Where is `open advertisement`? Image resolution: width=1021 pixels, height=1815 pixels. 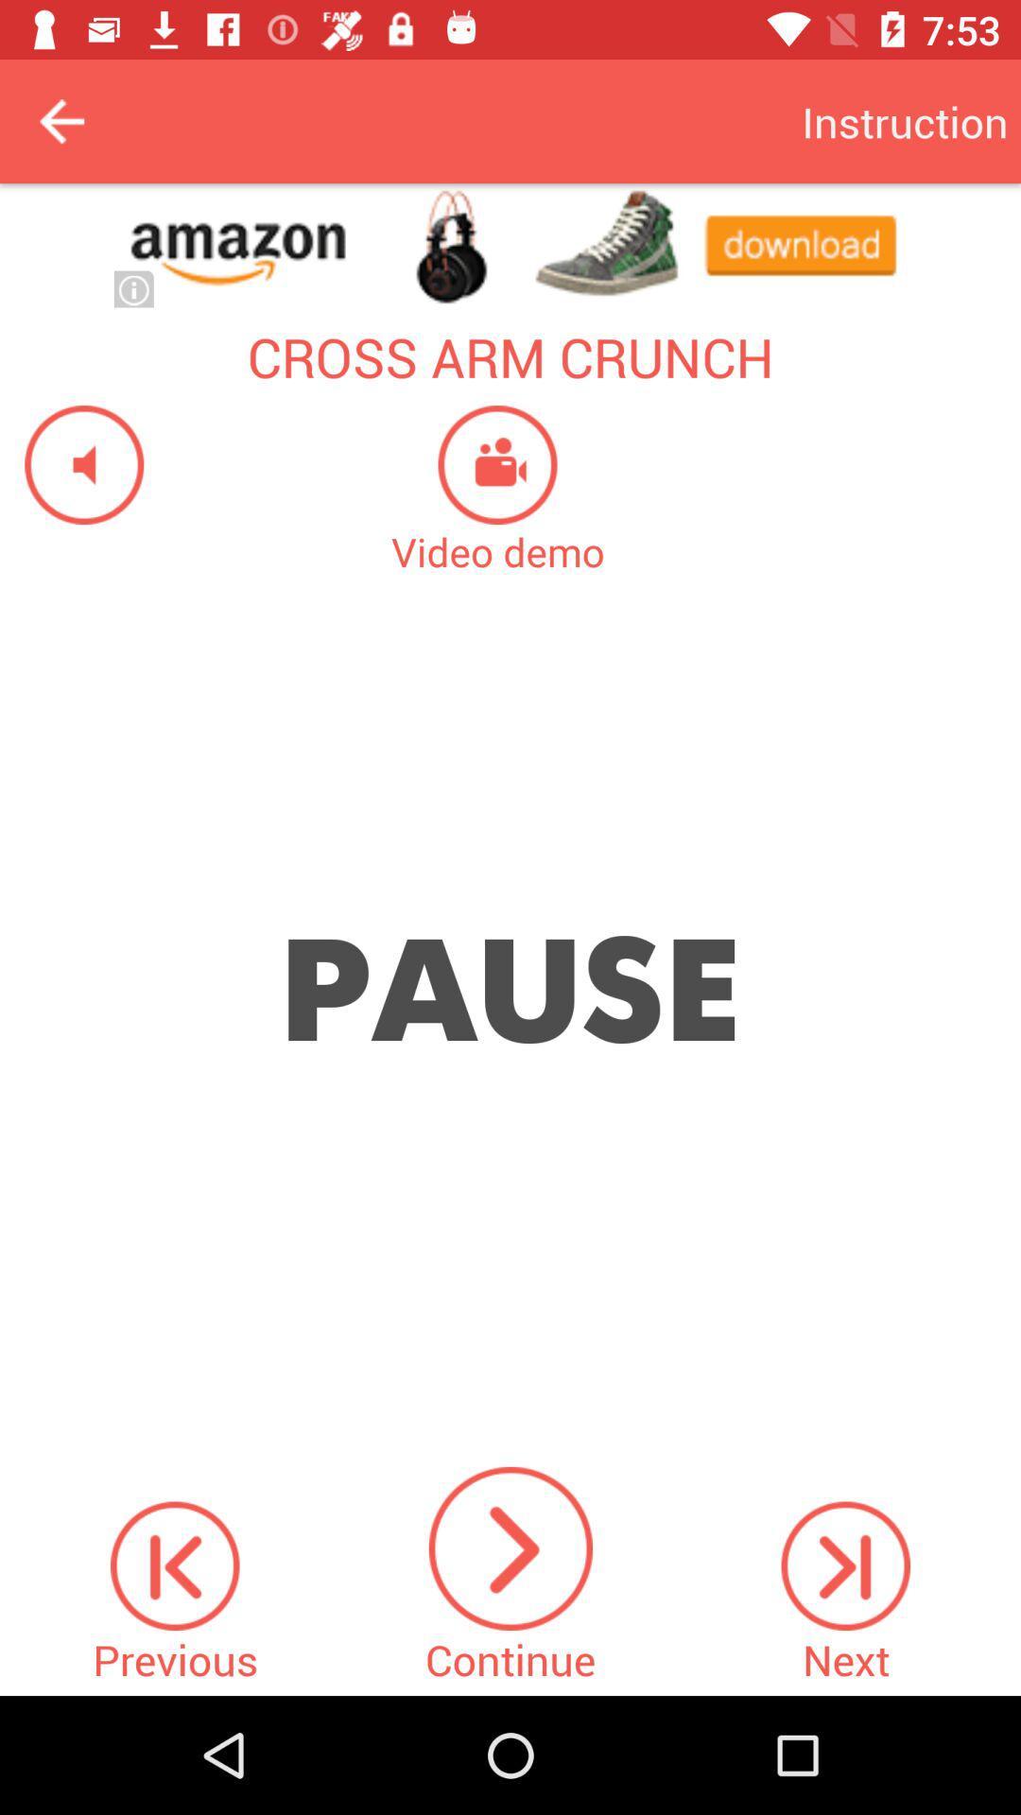
open advertisement is located at coordinates (510, 244).